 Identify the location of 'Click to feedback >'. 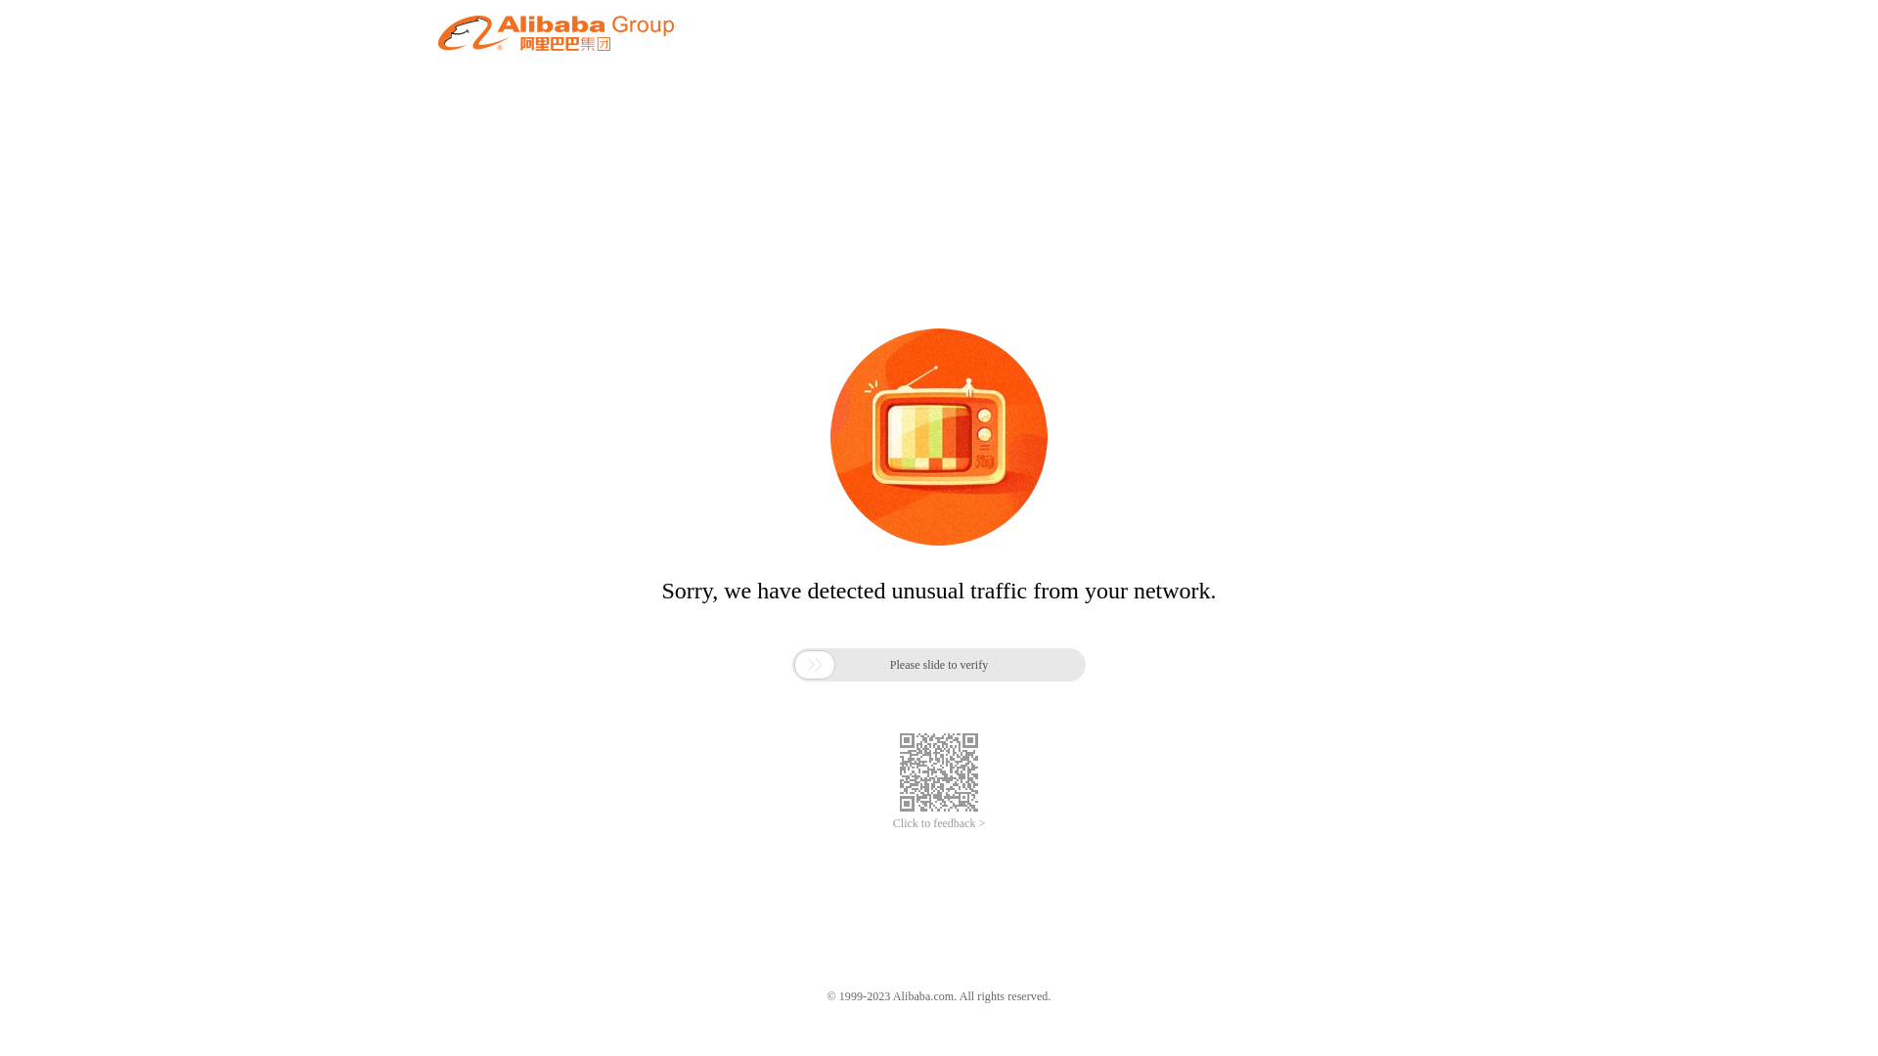
(939, 823).